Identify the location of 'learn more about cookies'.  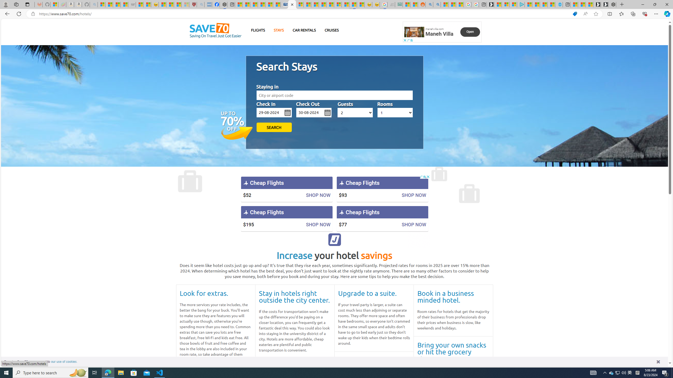
(64, 361).